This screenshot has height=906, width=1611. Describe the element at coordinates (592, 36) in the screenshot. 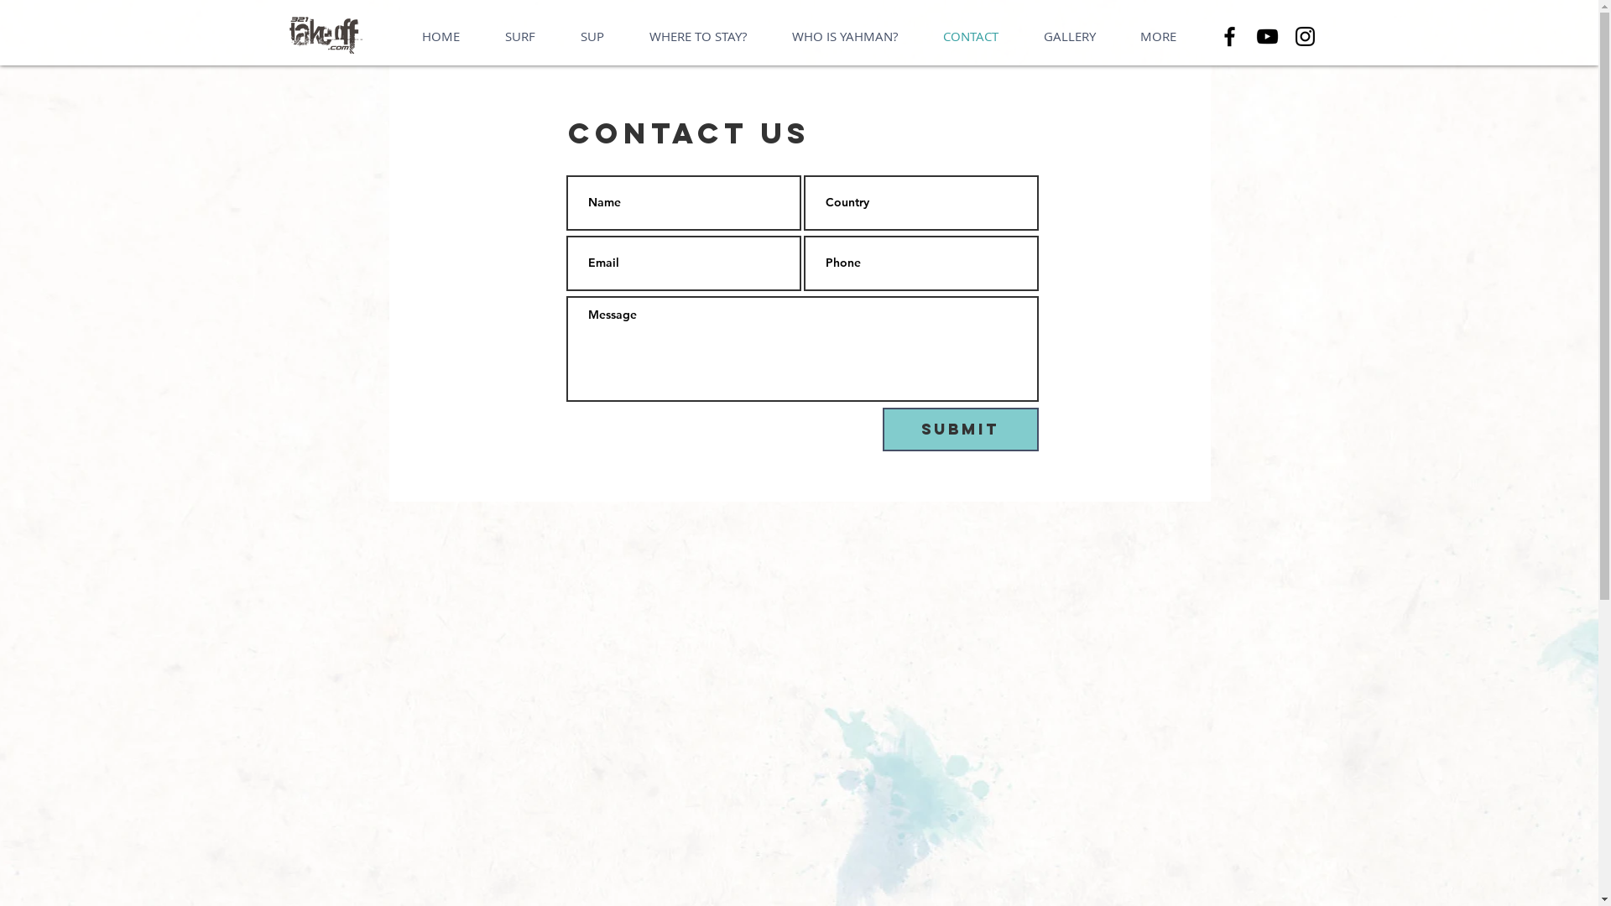

I see `'SUP'` at that location.